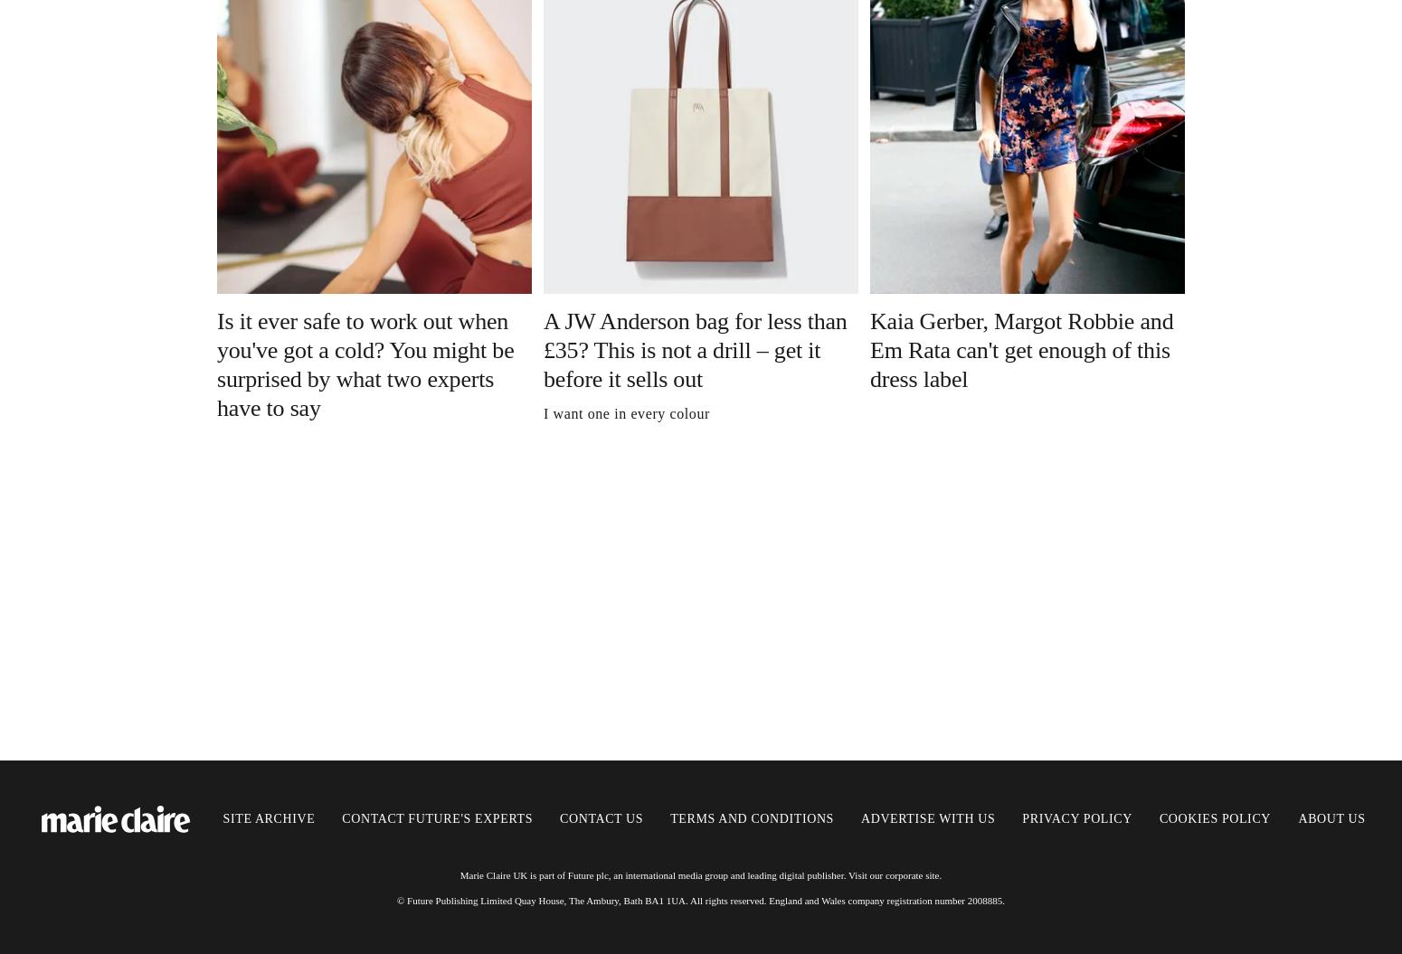 This screenshot has height=954, width=1402. What do you see at coordinates (396, 899) in the screenshot?
I see `'©
Future Publishing Limited Quay House, The Ambury,
Bath
BA1 1UA. All rights reserved. England and Wales company registration number 2008885.'` at bounding box center [396, 899].